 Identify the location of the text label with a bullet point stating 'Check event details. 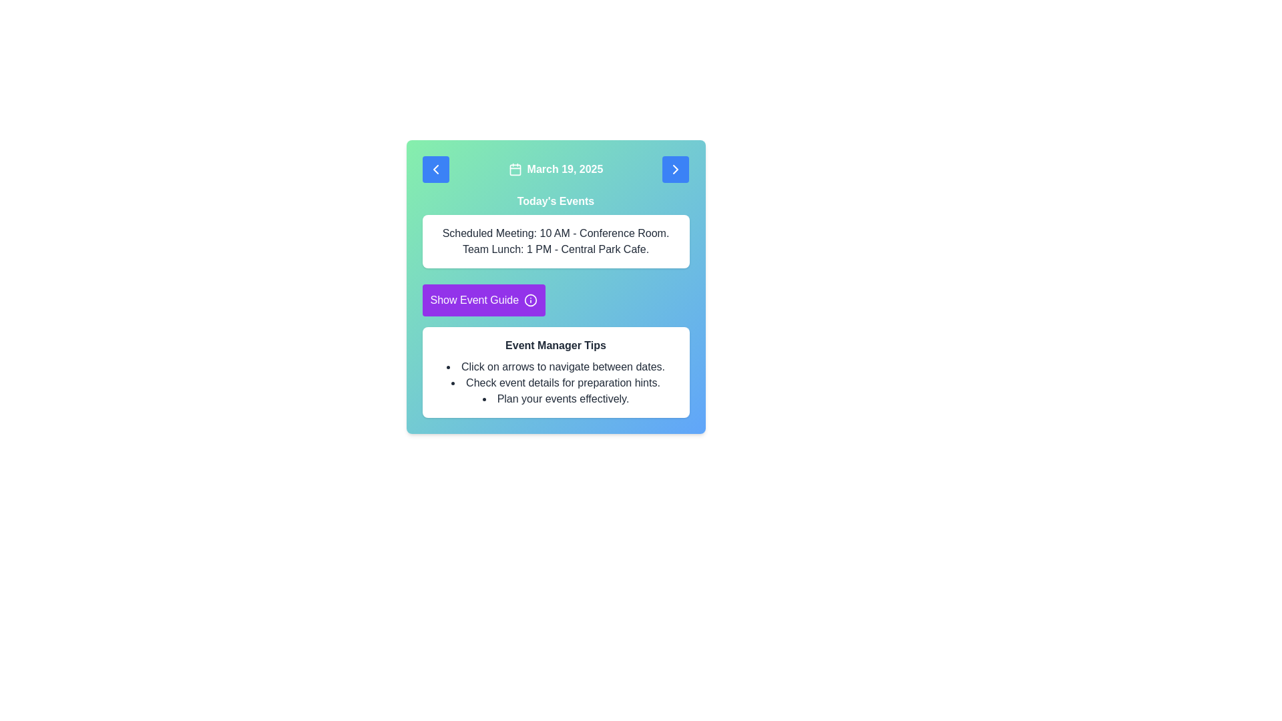
(556, 383).